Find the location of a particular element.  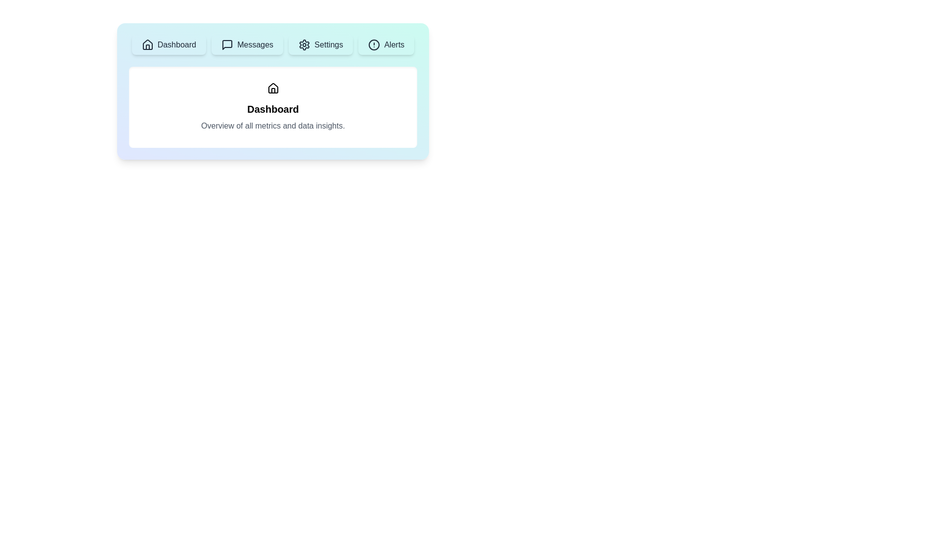

the tab labeled 'Settings' to preview its hover effect is located at coordinates (321, 45).